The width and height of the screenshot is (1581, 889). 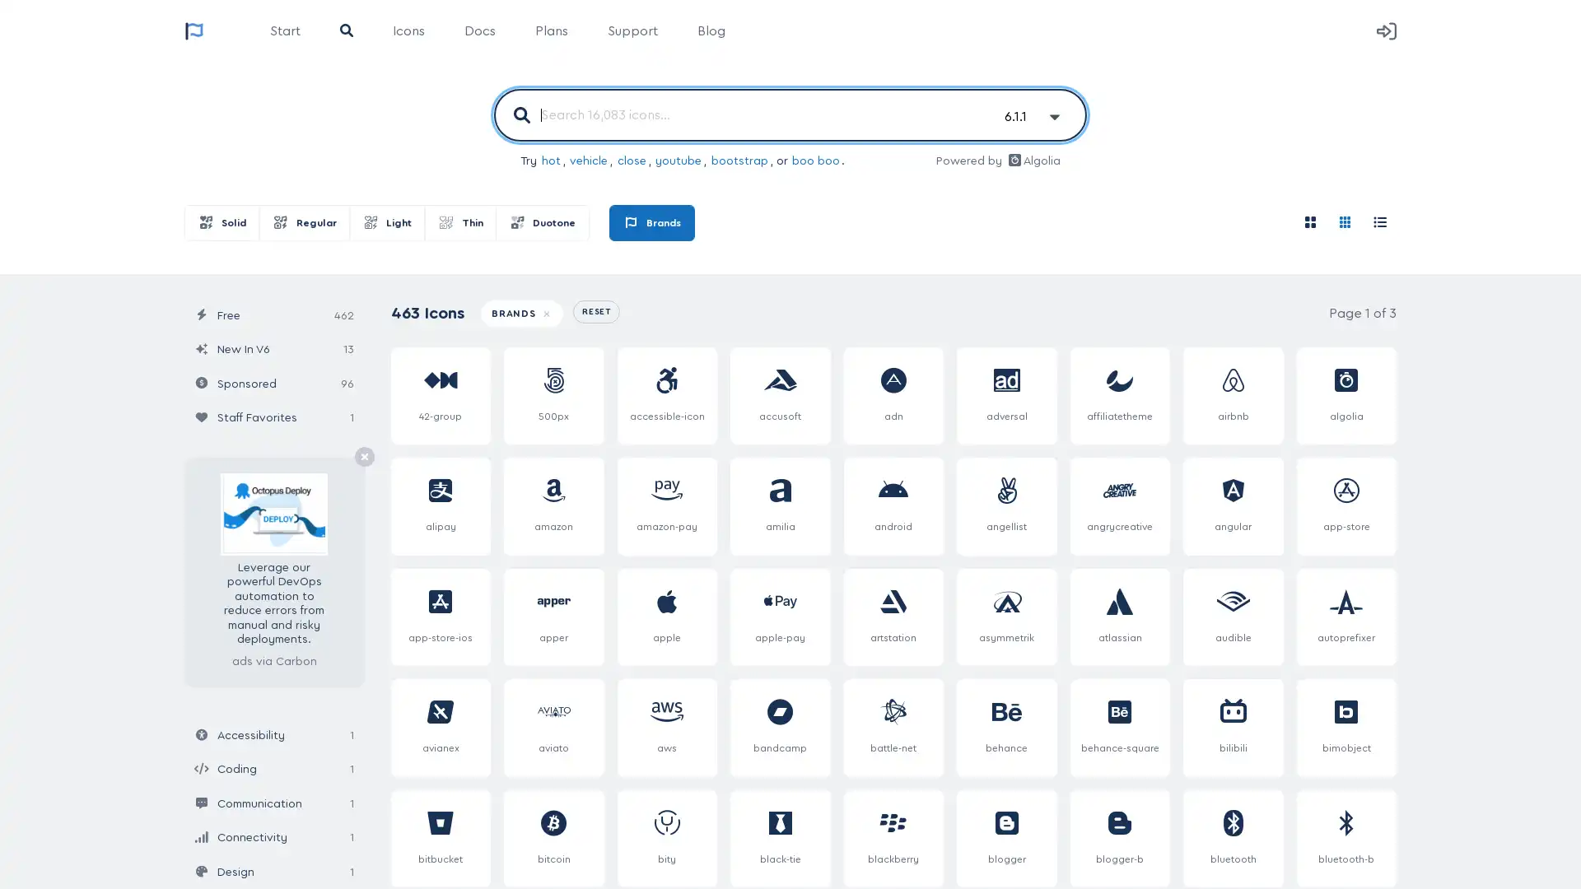 I want to click on behance-square, so click(x=1119, y=738).